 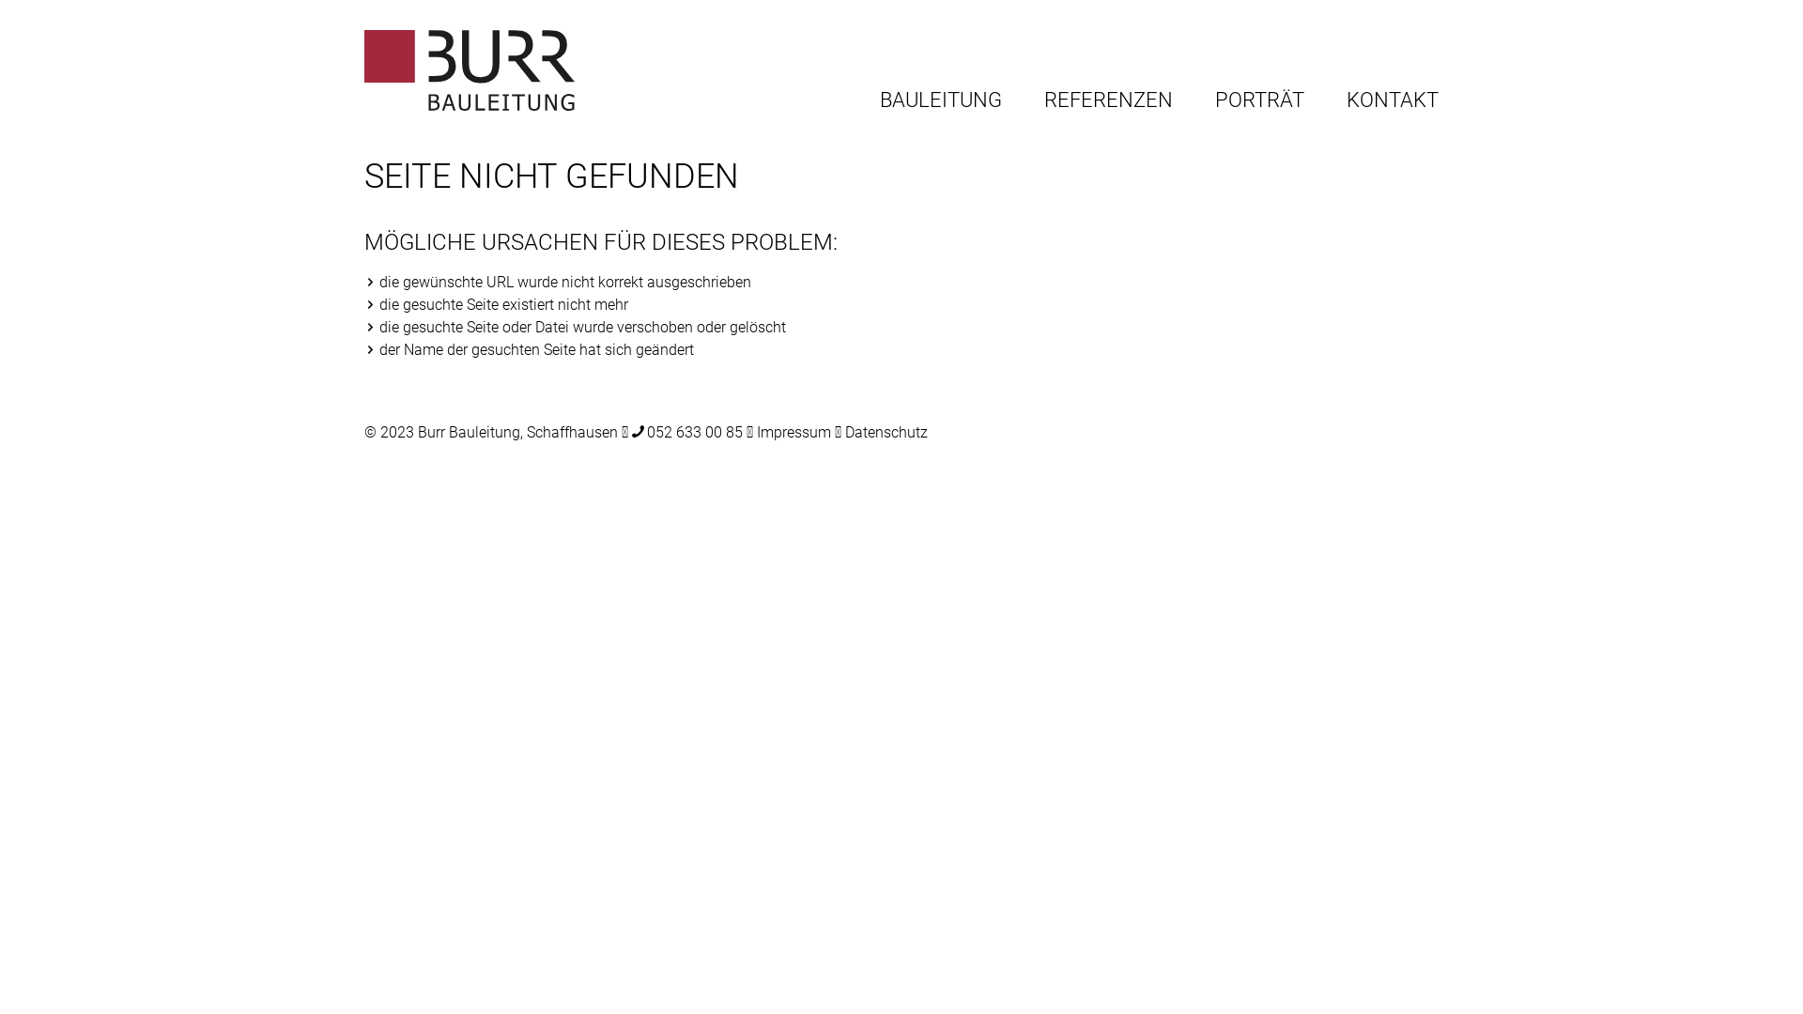 I want to click on 'REFERENZEN', so click(x=1108, y=101).